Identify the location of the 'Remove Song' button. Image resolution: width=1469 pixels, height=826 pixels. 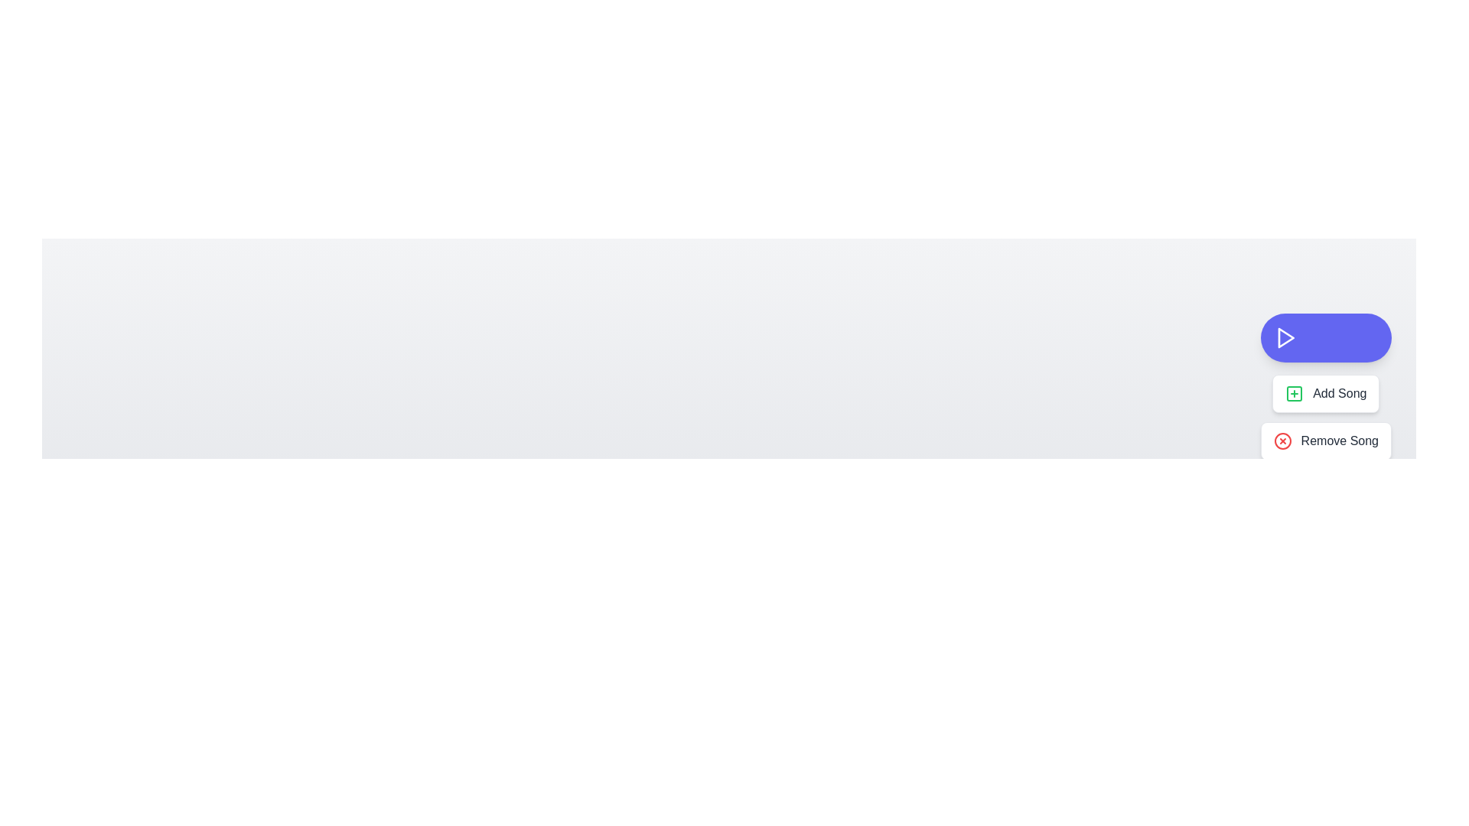
(1324, 441).